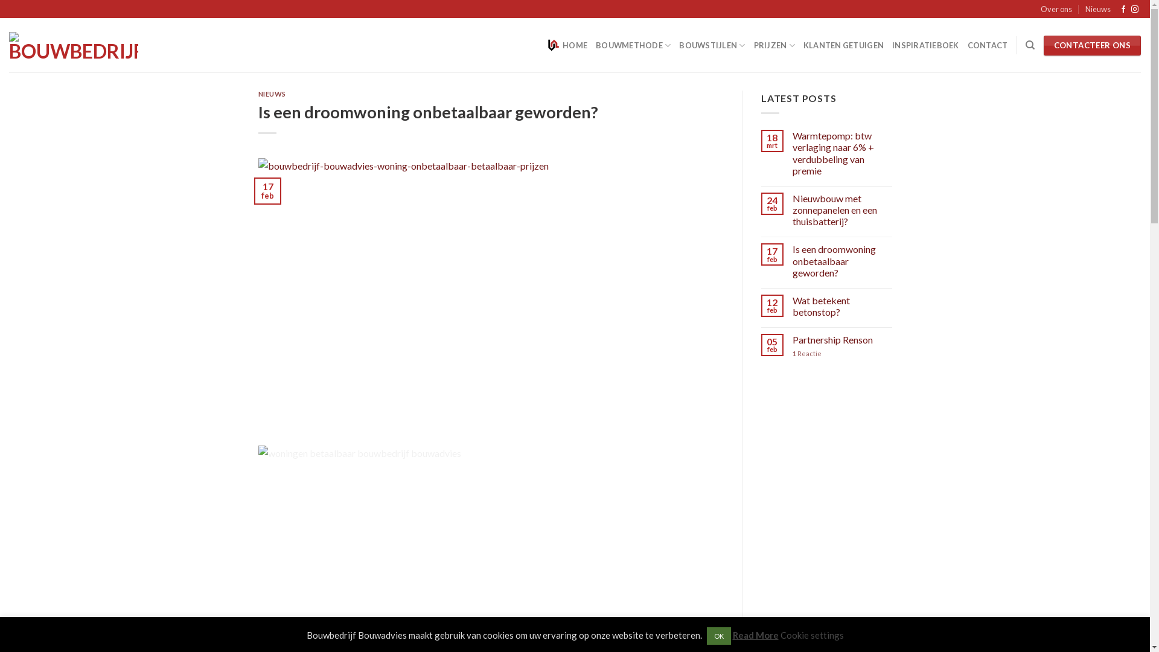  Describe the element at coordinates (1092, 45) in the screenshot. I see `'CONTACTEER ONS'` at that location.